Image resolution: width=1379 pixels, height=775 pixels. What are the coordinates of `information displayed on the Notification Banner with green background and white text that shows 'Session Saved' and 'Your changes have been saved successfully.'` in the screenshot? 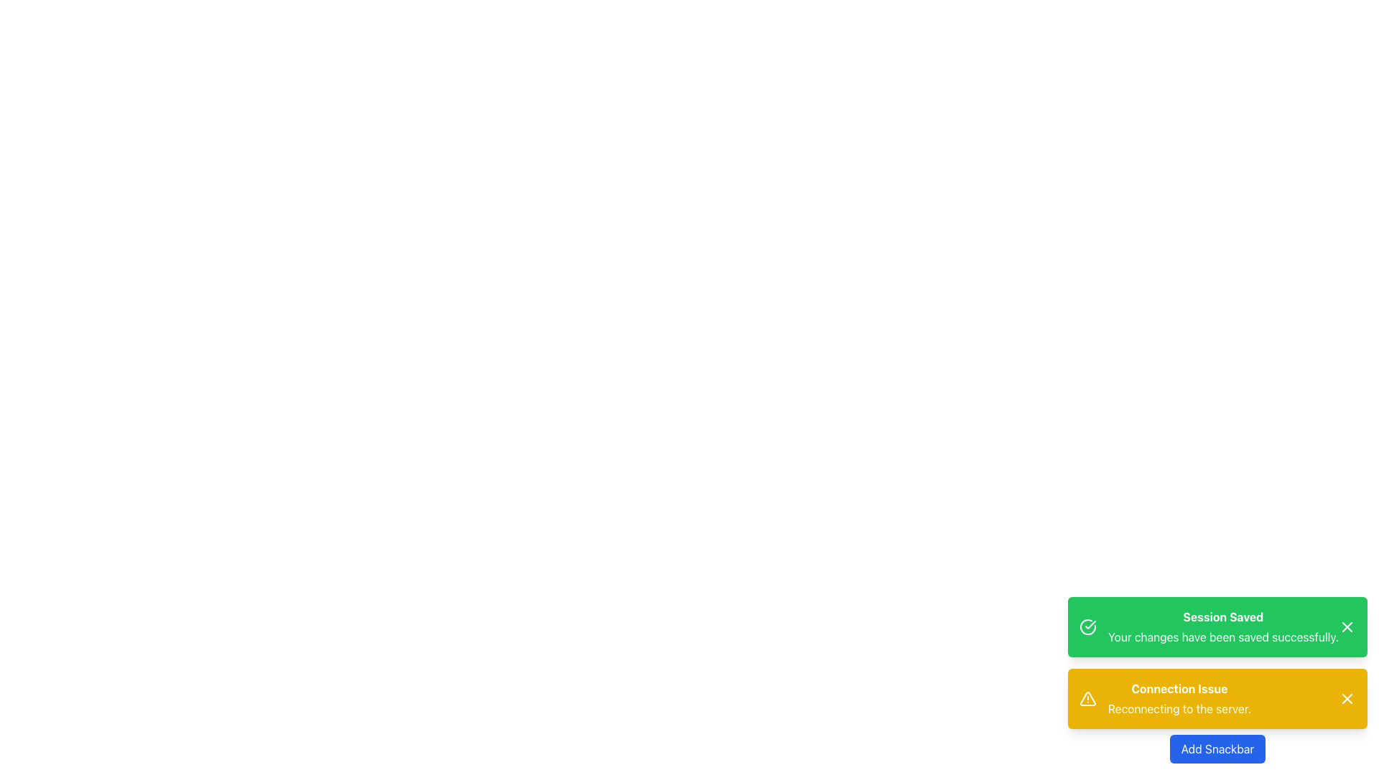 It's located at (1217, 626).